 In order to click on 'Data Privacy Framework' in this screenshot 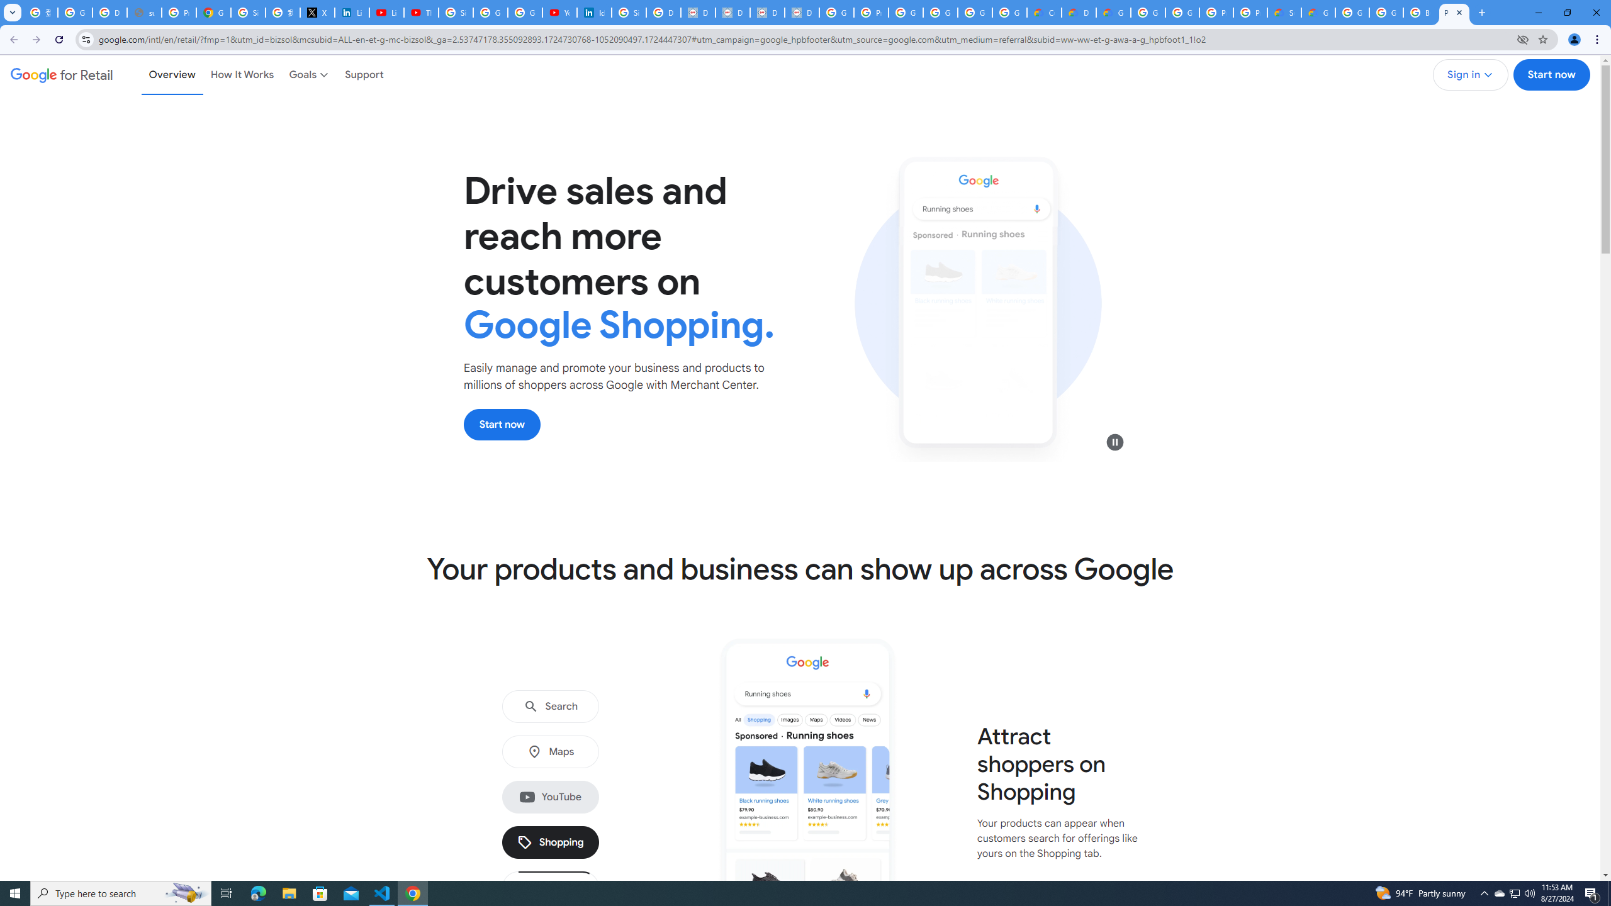, I will do `click(732, 12)`.